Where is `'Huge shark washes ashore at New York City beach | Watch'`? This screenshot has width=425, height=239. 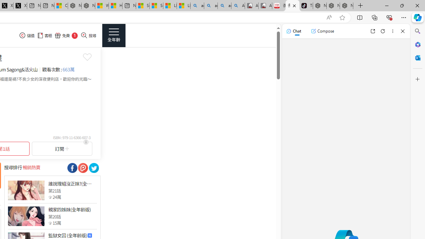 'Huge shark washes ashore at New York City beach | Watch' is located at coordinates (116, 6).